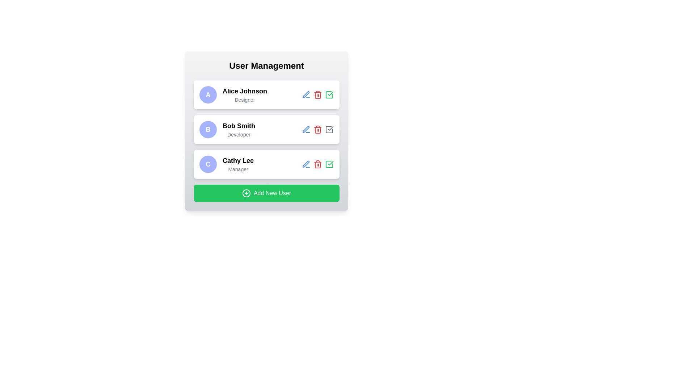 This screenshot has width=695, height=391. I want to click on the second icon from the left in the User Management list associated with the Alice Johnson Designer entry, so click(318, 94).